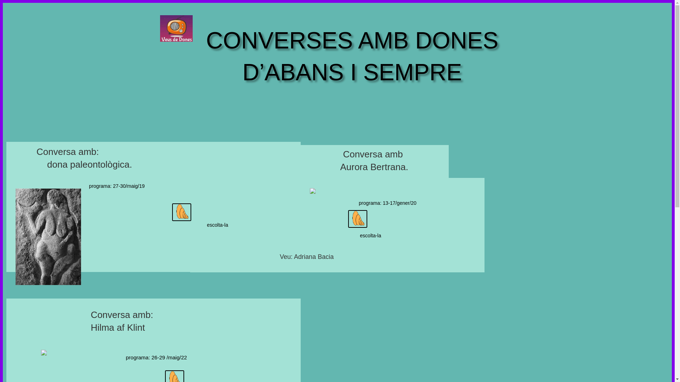  Describe the element at coordinates (172, 212) in the screenshot. I see `'c'` at that location.